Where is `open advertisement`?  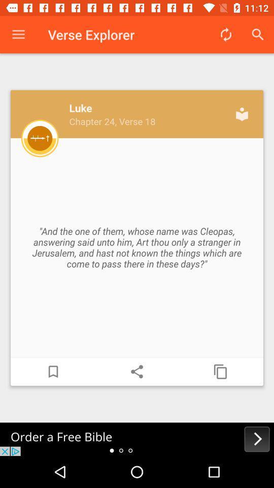 open advertisement is located at coordinates (137, 439).